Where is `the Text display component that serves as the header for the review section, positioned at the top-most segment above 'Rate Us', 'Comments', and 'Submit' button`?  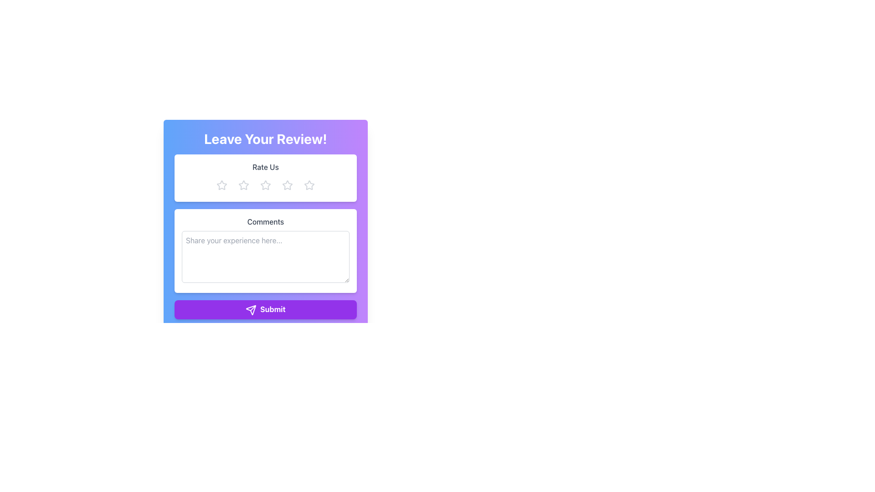
the Text display component that serves as the header for the review section, positioned at the top-most segment above 'Rate Us', 'Comments', and 'Submit' button is located at coordinates (265, 138).